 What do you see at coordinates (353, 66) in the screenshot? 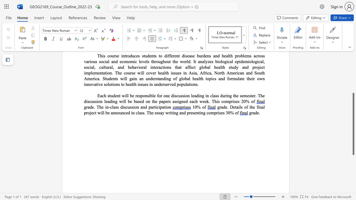
I see `the scrollbar to scroll the page up` at bounding box center [353, 66].